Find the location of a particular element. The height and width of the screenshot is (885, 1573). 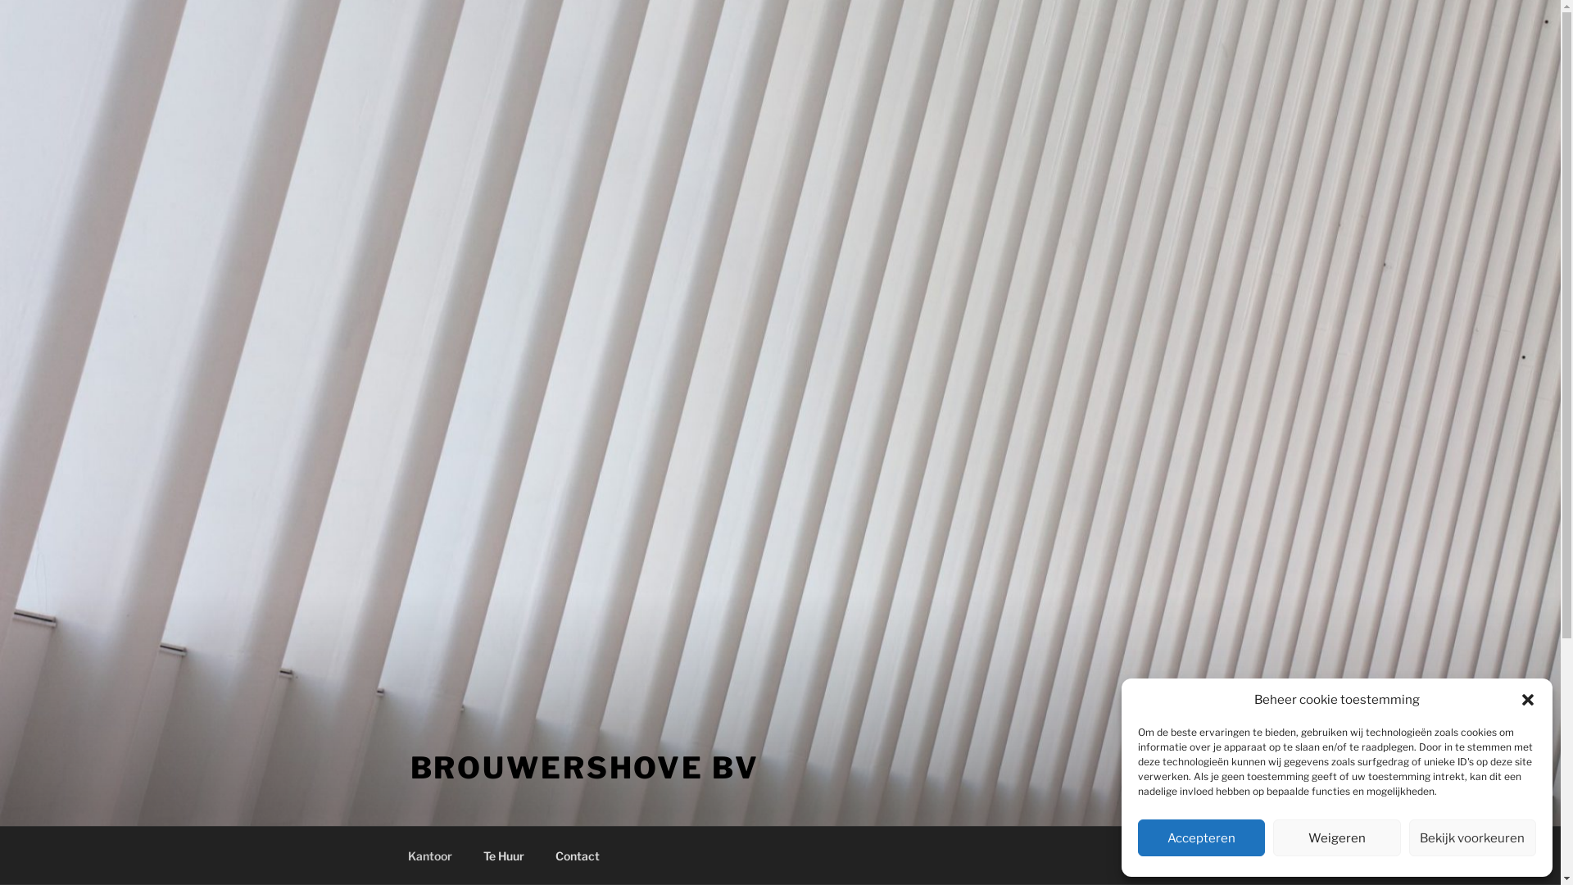

'Bekijk voorkeuren' is located at coordinates (1472, 837).